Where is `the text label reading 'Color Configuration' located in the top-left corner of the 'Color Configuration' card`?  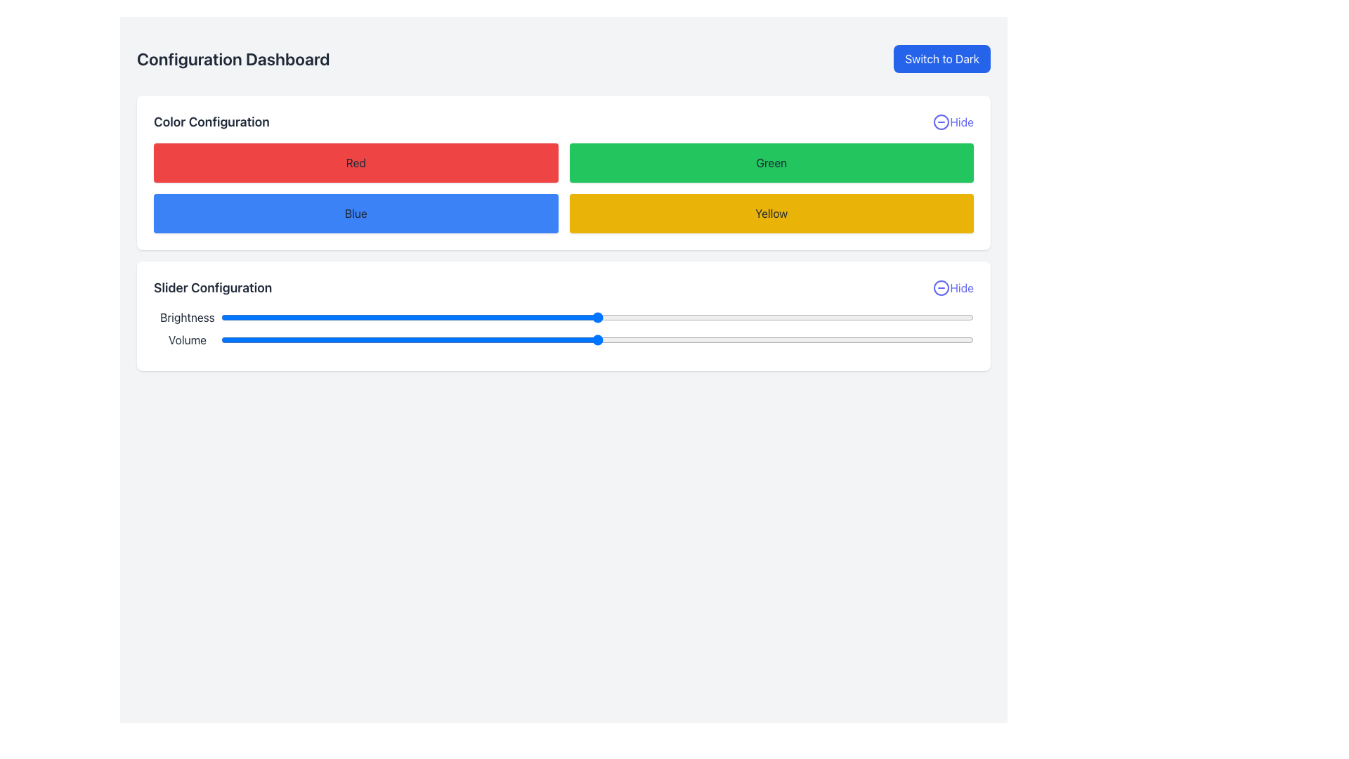
the text label reading 'Color Configuration' located in the top-left corner of the 'Color Configuration' card is located at coordinates (211, 121).